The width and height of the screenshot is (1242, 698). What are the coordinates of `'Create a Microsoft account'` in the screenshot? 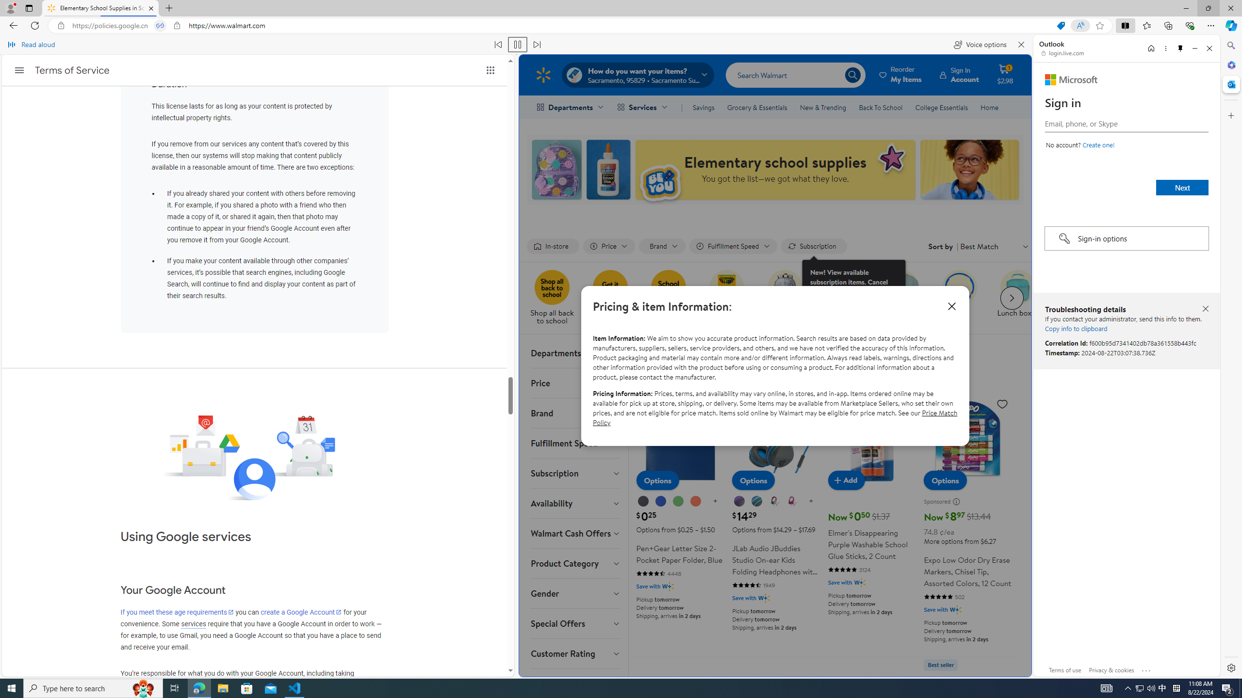 It's located at (1098, 144).